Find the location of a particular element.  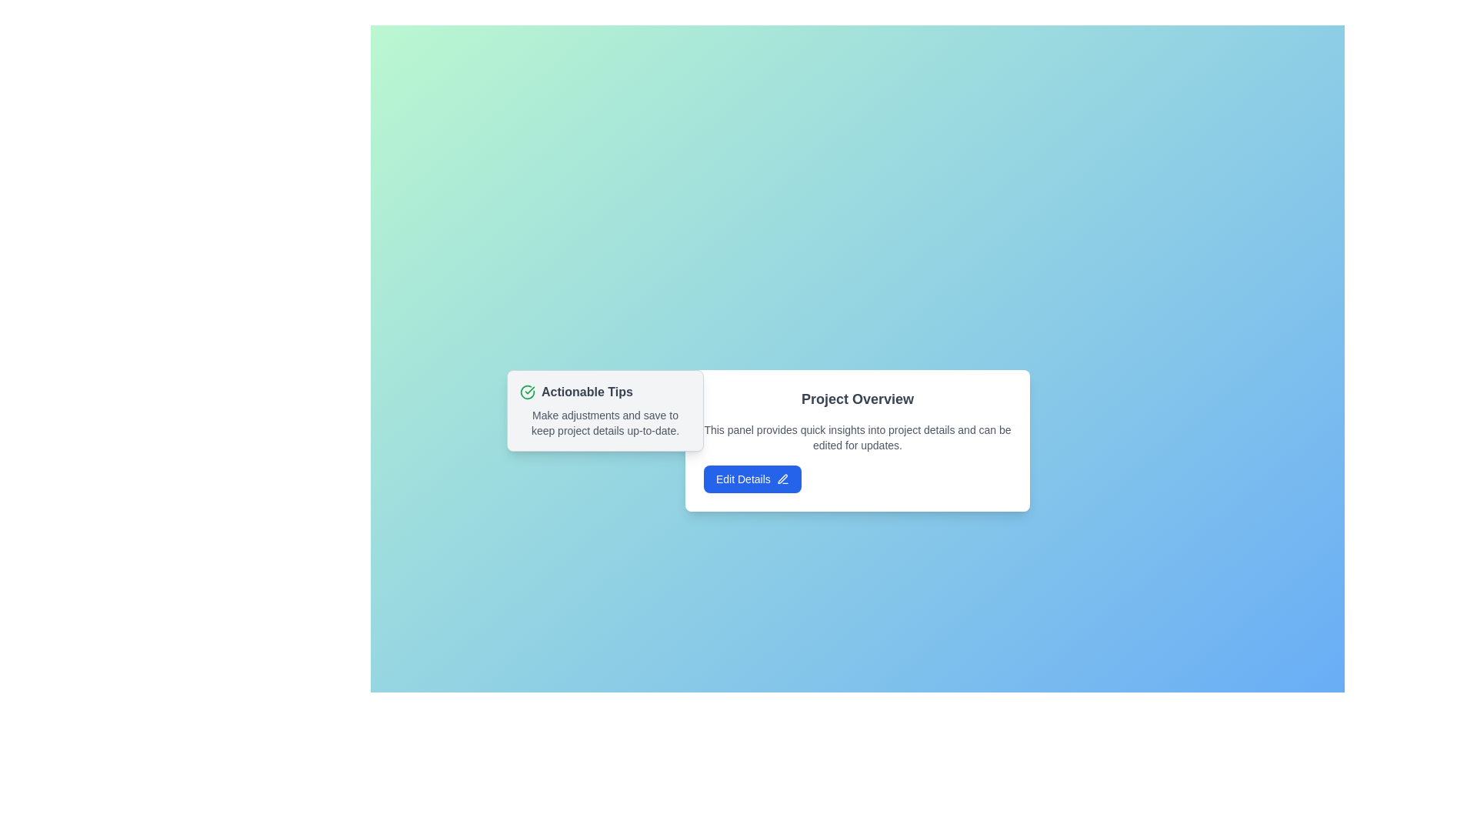

the success icon to the left of the 'Actionable Tips' text, which signifies a completed action is located at coordinates (528, 391).